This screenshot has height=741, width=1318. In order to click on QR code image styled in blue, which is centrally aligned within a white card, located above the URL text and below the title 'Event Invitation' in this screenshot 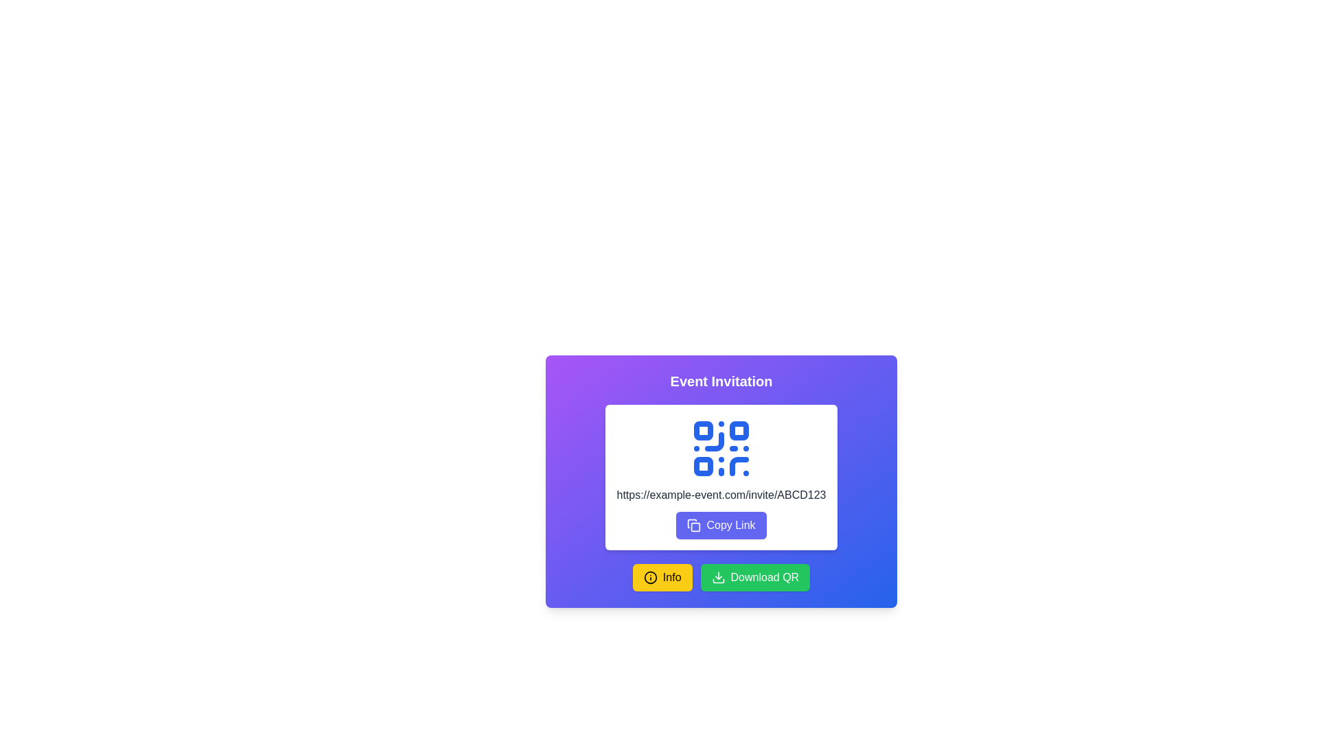, I will do `click(721, 481)`.